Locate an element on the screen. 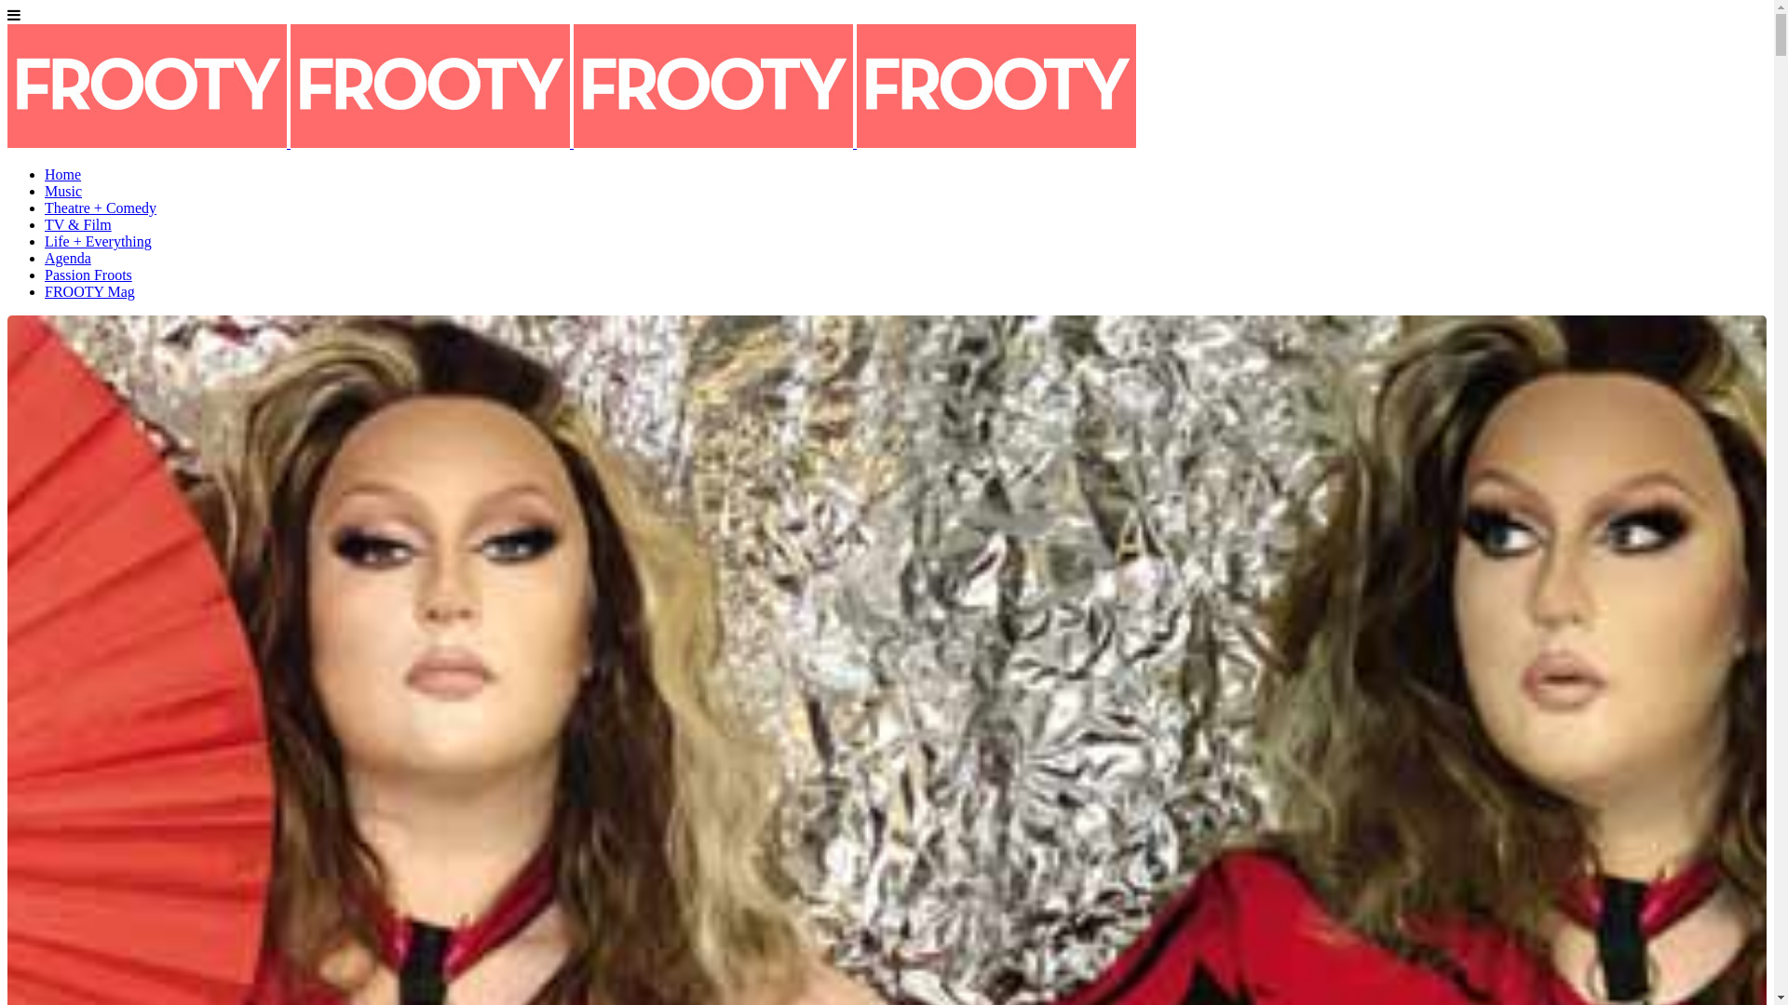  'Passion Froots' is located at coordinates (88, 275).